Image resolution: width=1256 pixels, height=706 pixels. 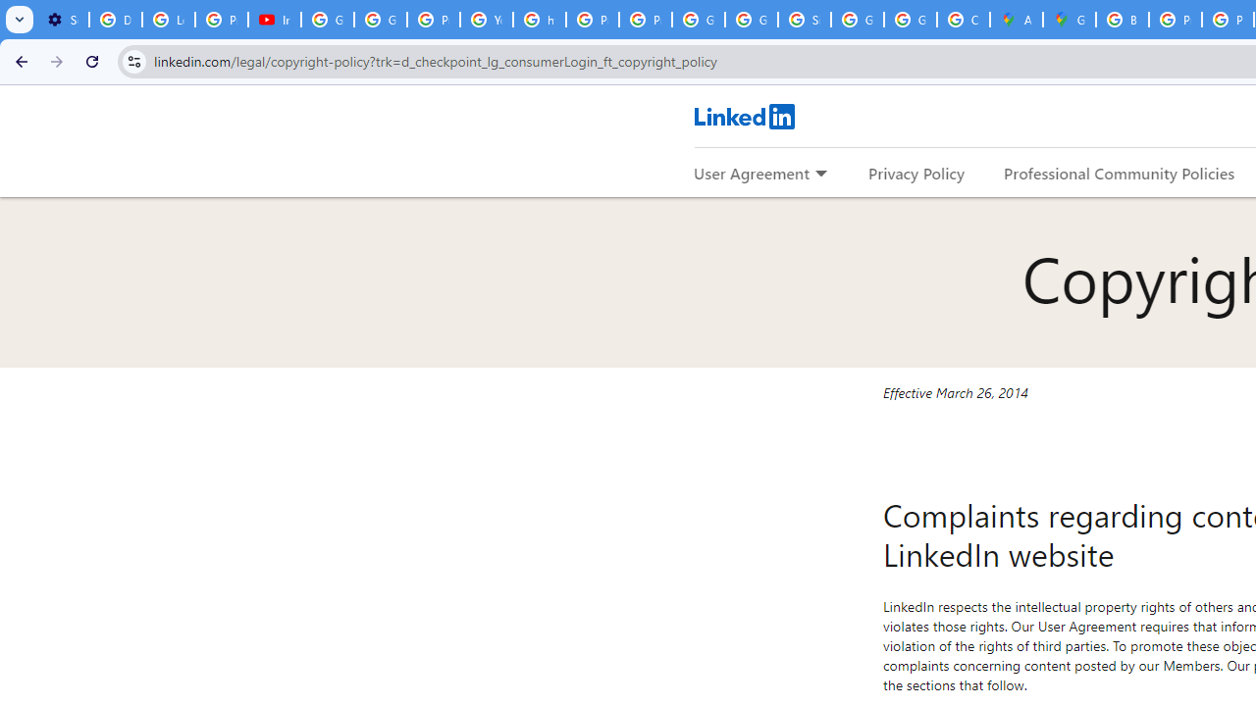 What do you see at coordinates (820, 174) in the screenshot?
I see `'Expand to show more links for User Agreement'` at bounding box center [820, 174].